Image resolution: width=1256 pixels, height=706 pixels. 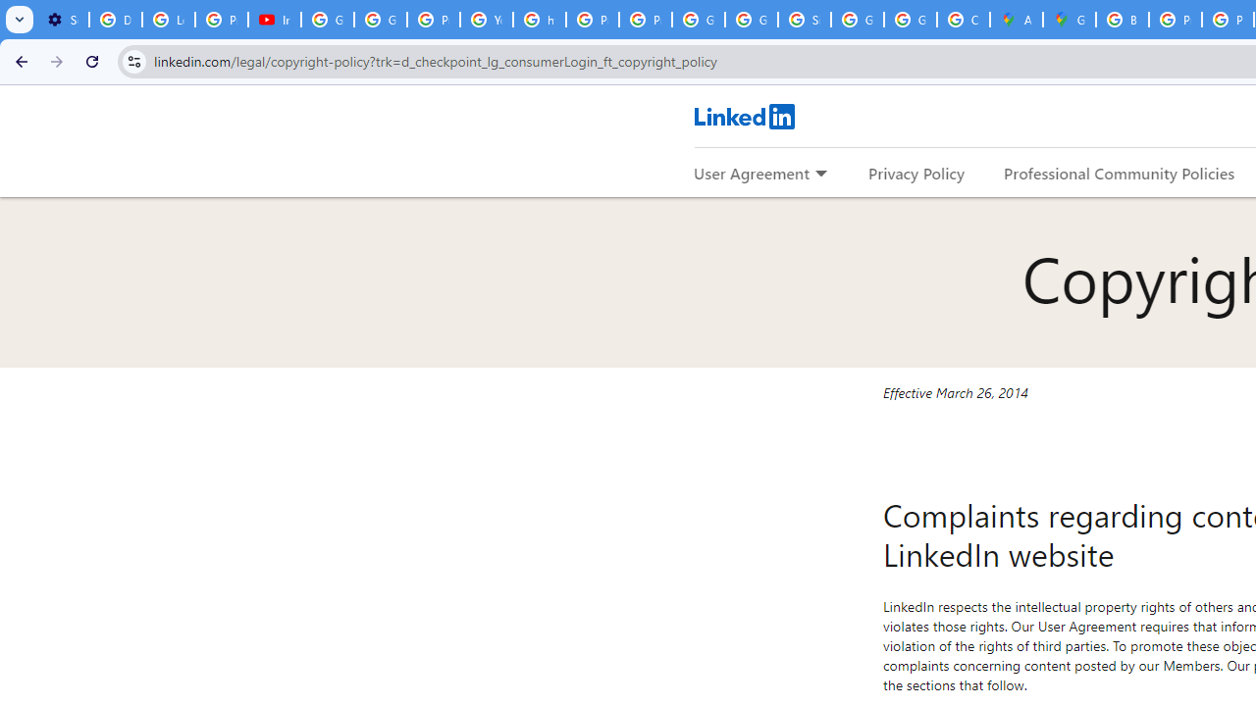 What do you see at coordinates (820, 174) in the screenshot?
I see `'Expand to show more links for User Agreement'` at bounding box center [820, 174].